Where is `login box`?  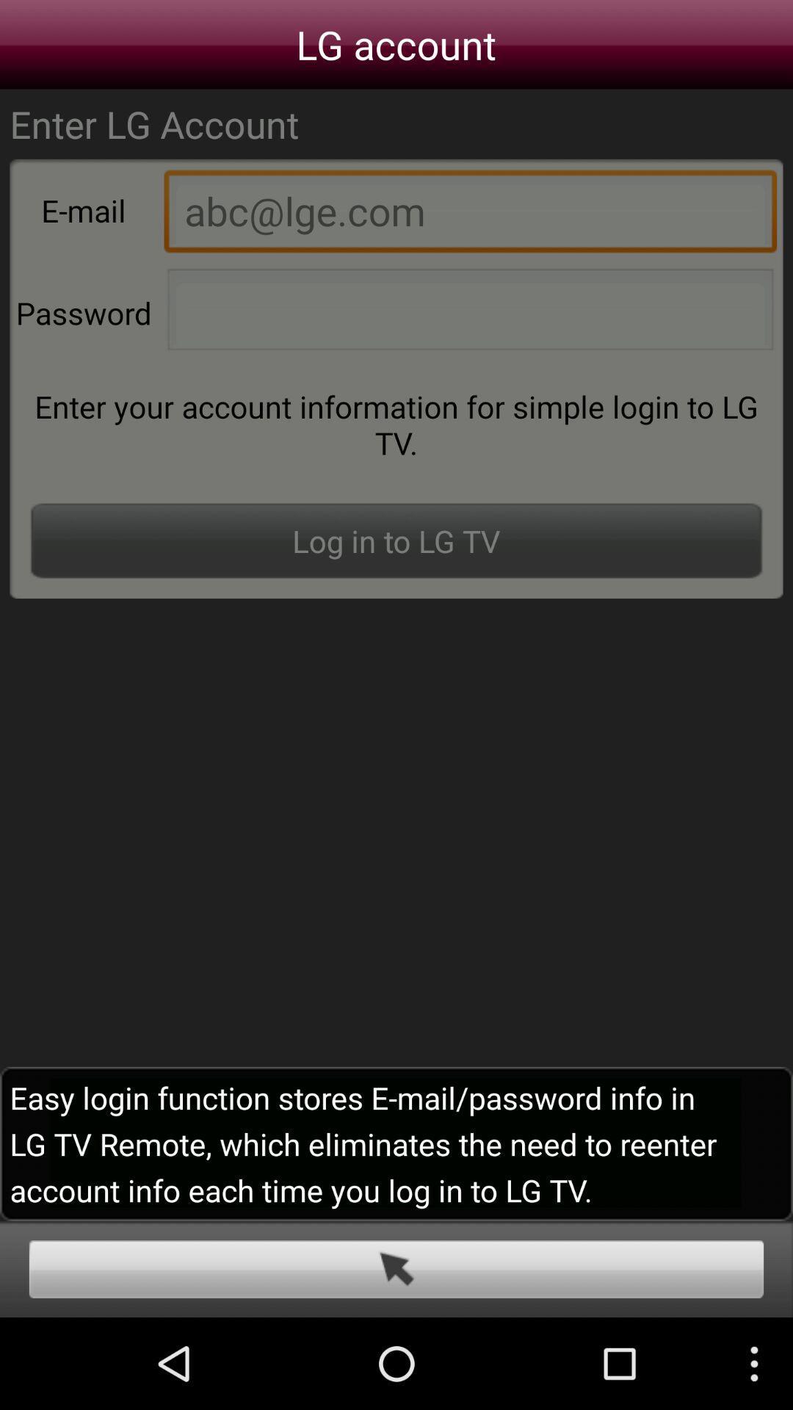 login box is located at coordinates (396, 1268).